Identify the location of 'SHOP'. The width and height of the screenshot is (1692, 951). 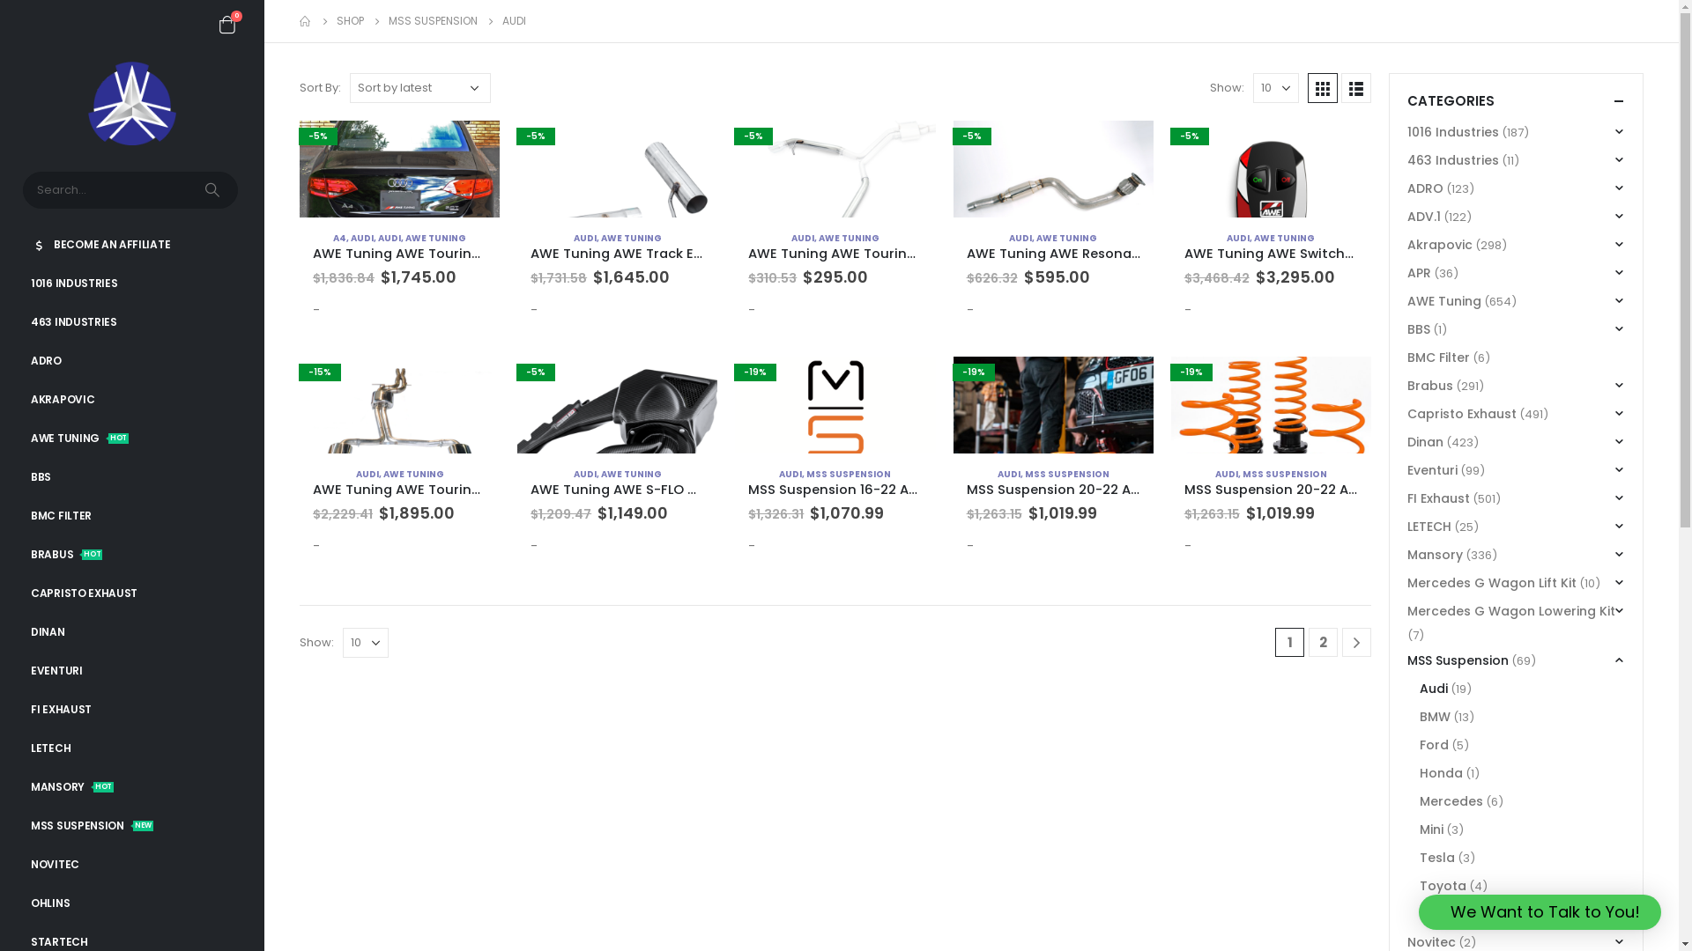
(350, 20).